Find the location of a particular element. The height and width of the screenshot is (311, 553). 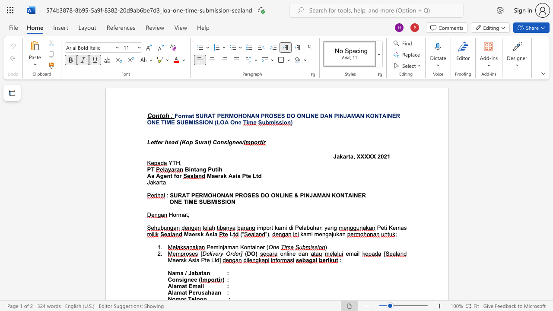

the subset text "igne" within the text "Letter head (Kop Surat) Consignee/" is located at coordinates (227, 142).